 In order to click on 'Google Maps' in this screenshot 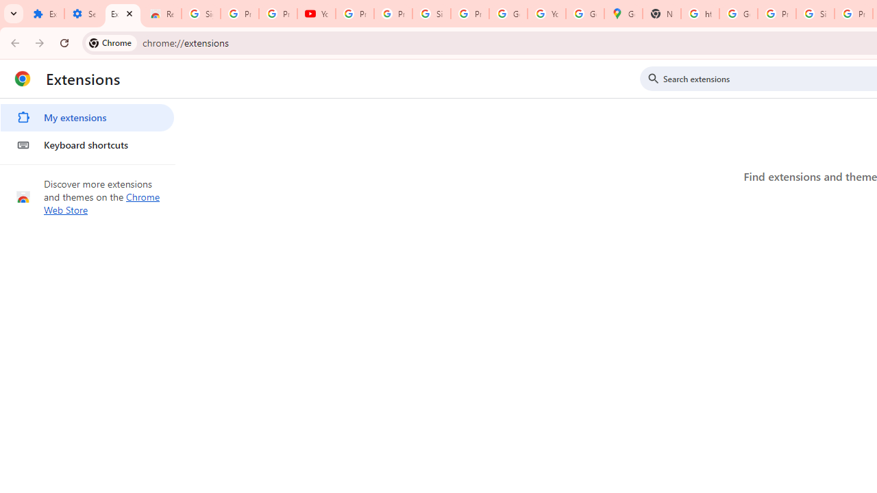, I will do `click(623, 14)`.